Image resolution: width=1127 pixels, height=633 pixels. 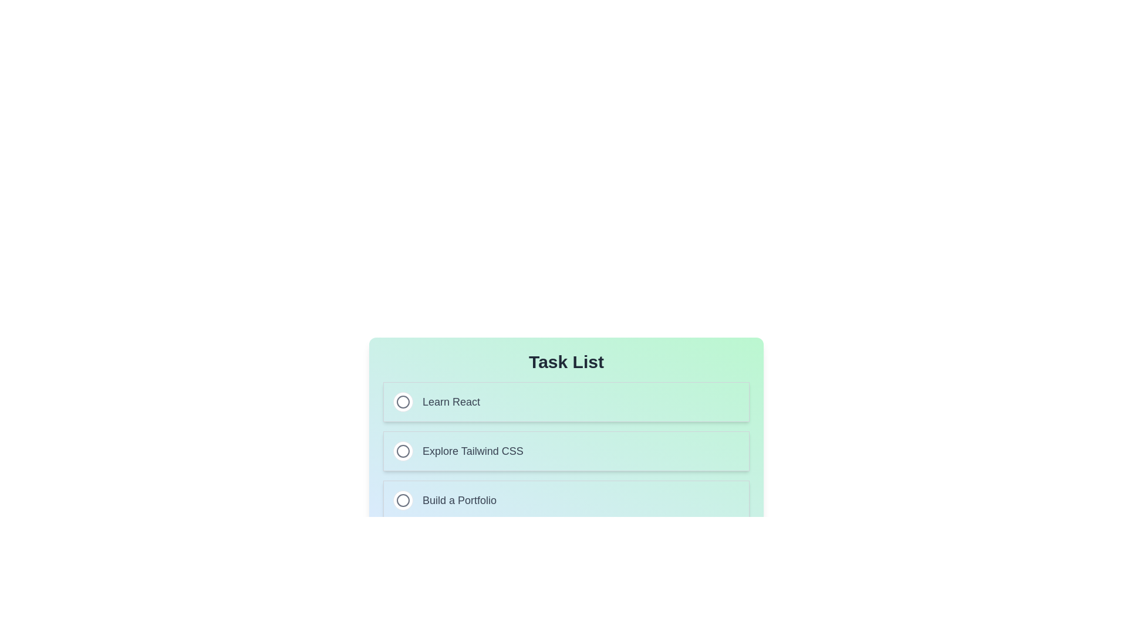 I want to click on static text label that says 'Build a Portfolio', which is the third item in the vertical task list located below the 'Explore Tailwind CSS' item, so click(x=458, y=500).